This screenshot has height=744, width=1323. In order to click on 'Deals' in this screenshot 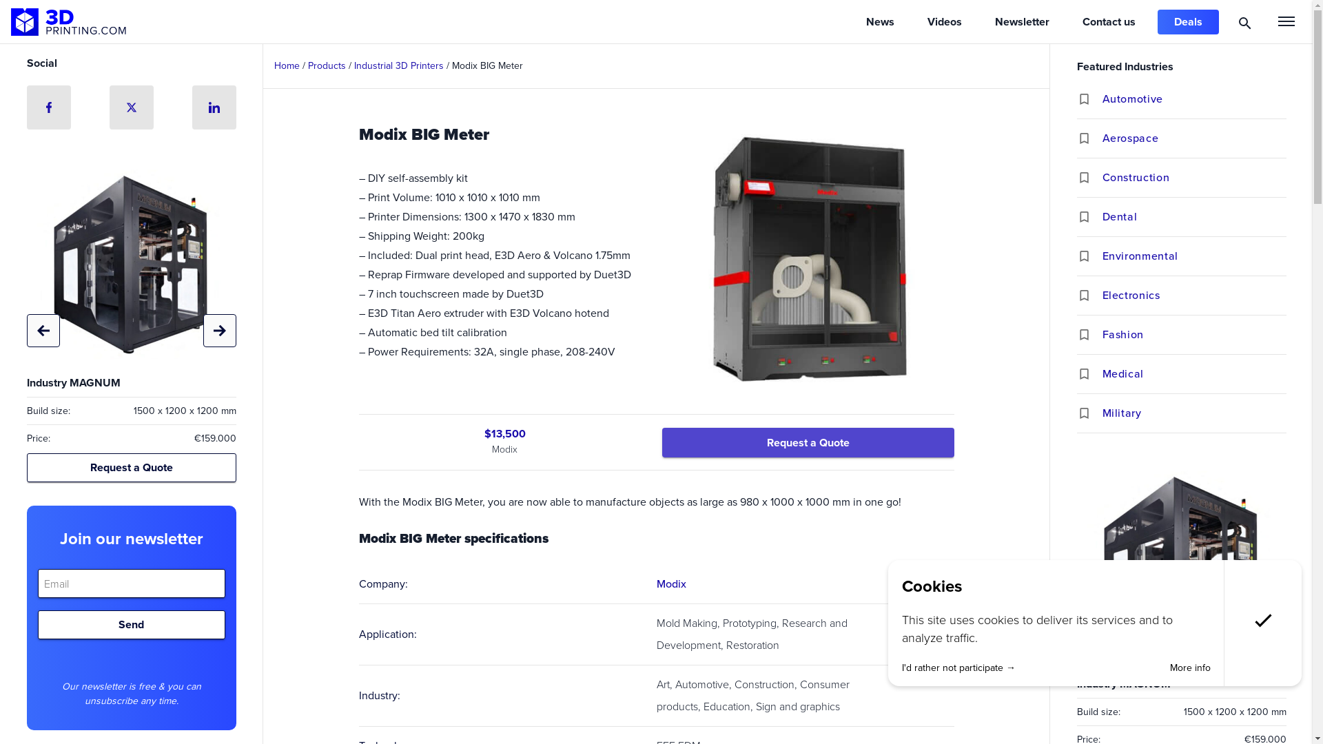, I will do `click(1187, 21)`.